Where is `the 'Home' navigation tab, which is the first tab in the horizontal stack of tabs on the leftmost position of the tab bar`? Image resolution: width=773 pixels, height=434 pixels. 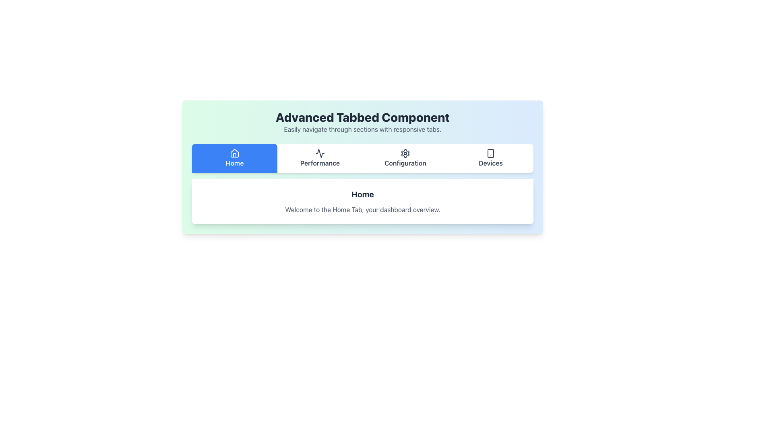 the 'Home' navigation tab, which is the first tab in the horizontal stack of tabs on the leftmost position of the tab bar is located at coordinates (234, 158).